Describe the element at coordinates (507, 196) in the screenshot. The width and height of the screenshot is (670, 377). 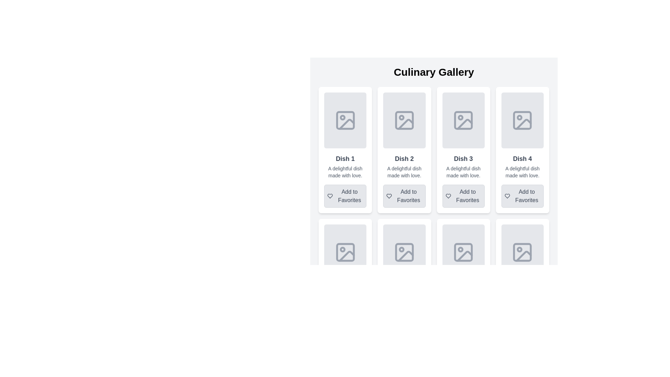
I see `the black heart-shaped icon within the 'Add to Favorites' button located in the bottom-left corner of the 'Dish 4' card to initiate the favorite action` at that location.